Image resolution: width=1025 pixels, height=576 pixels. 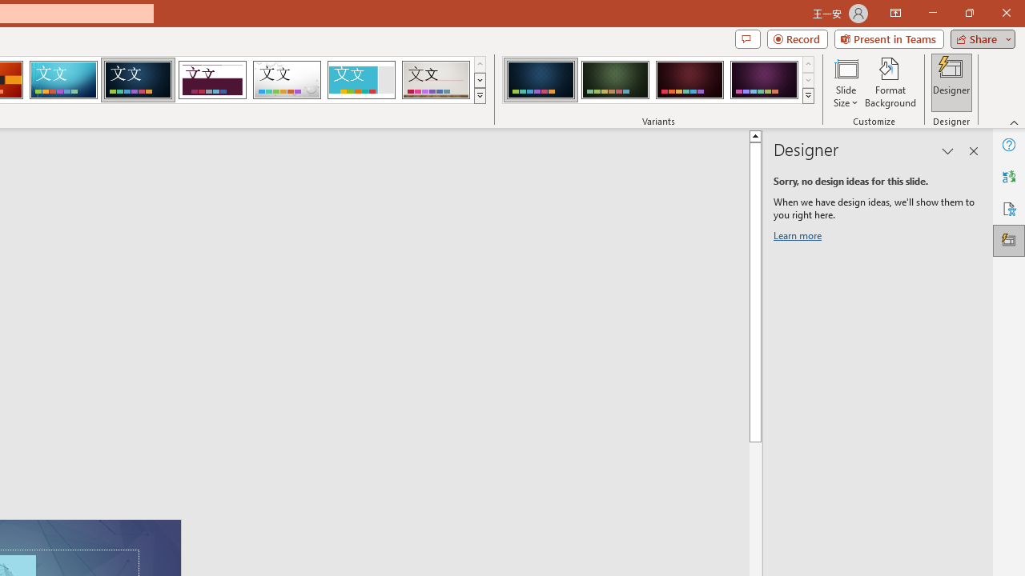 I want to click on 'Themes', so click(x=479, y=96).